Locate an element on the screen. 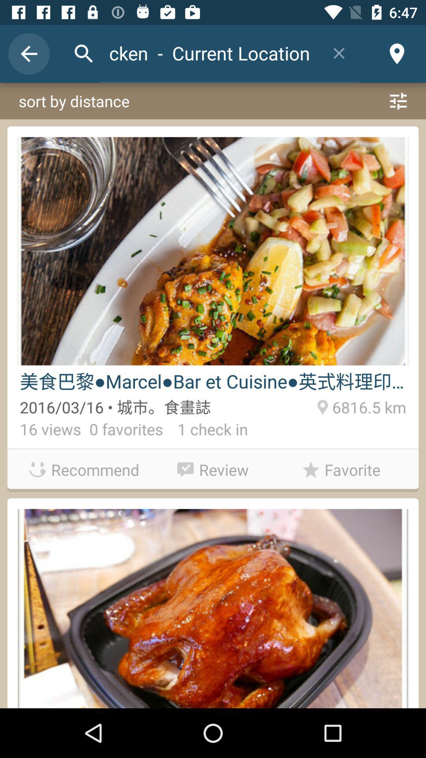 The image size is (426, 758). item to the right of 0 favorites icon is located at coordinates (205, 431).